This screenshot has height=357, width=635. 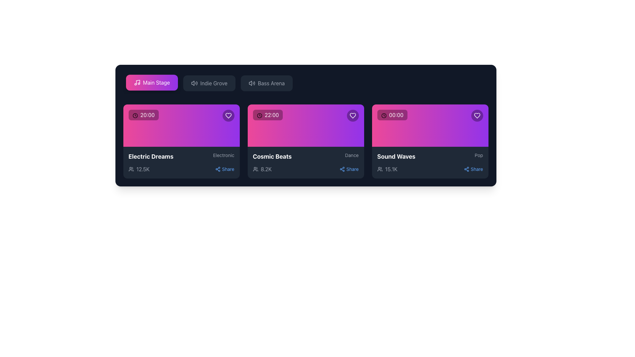 What do you see at coordinates (268, 114) in the screenshot?
I see `the visual label displaying the time '22:00' with a clock icon on the left, located in the top-left part of the 'Cosmic Beats' information card` at bounding box center [268, 114].